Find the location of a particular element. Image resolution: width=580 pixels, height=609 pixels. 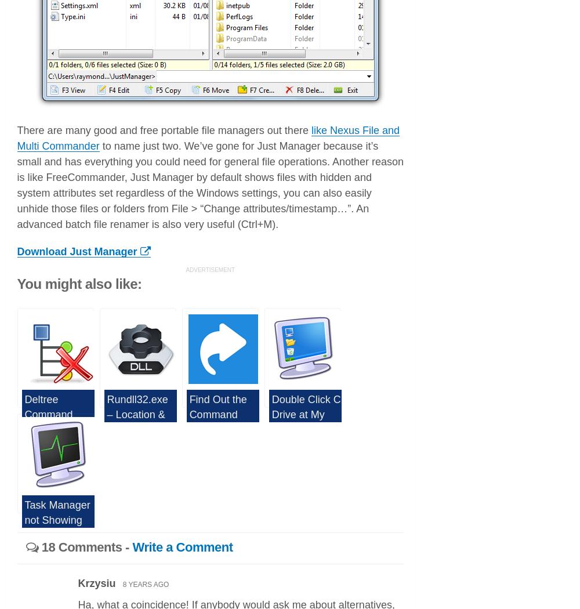

'Deltree Command Replacement in Windows: How to Setup' is located at coordinates (24, 428).